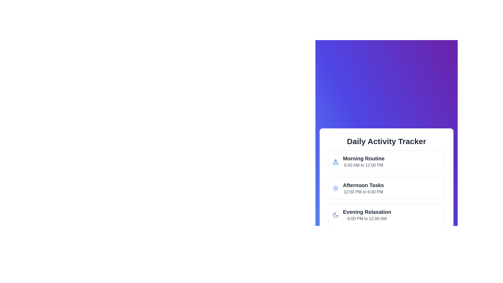 This screenshot has width=503, height=283. I want to click on the 'Morning Routine' informational card located at the top of the list within the 'Daily Activity Tracker', so click(386, 161).